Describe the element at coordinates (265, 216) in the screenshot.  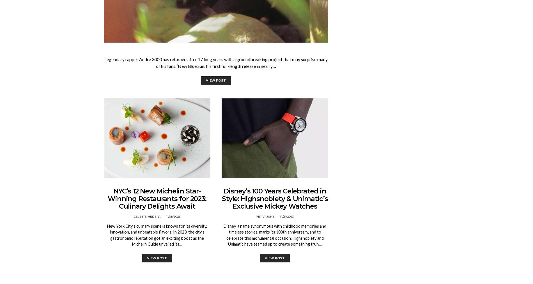
I see `'Petra June'` at that location.